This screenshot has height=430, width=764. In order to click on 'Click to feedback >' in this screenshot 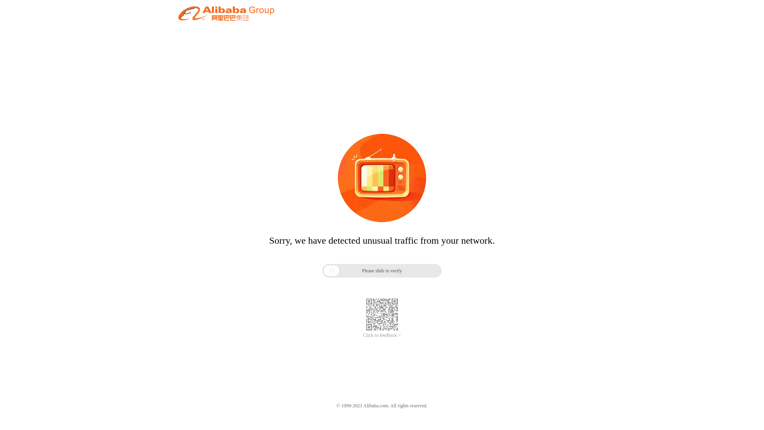, I will do `click(382, 335)`.